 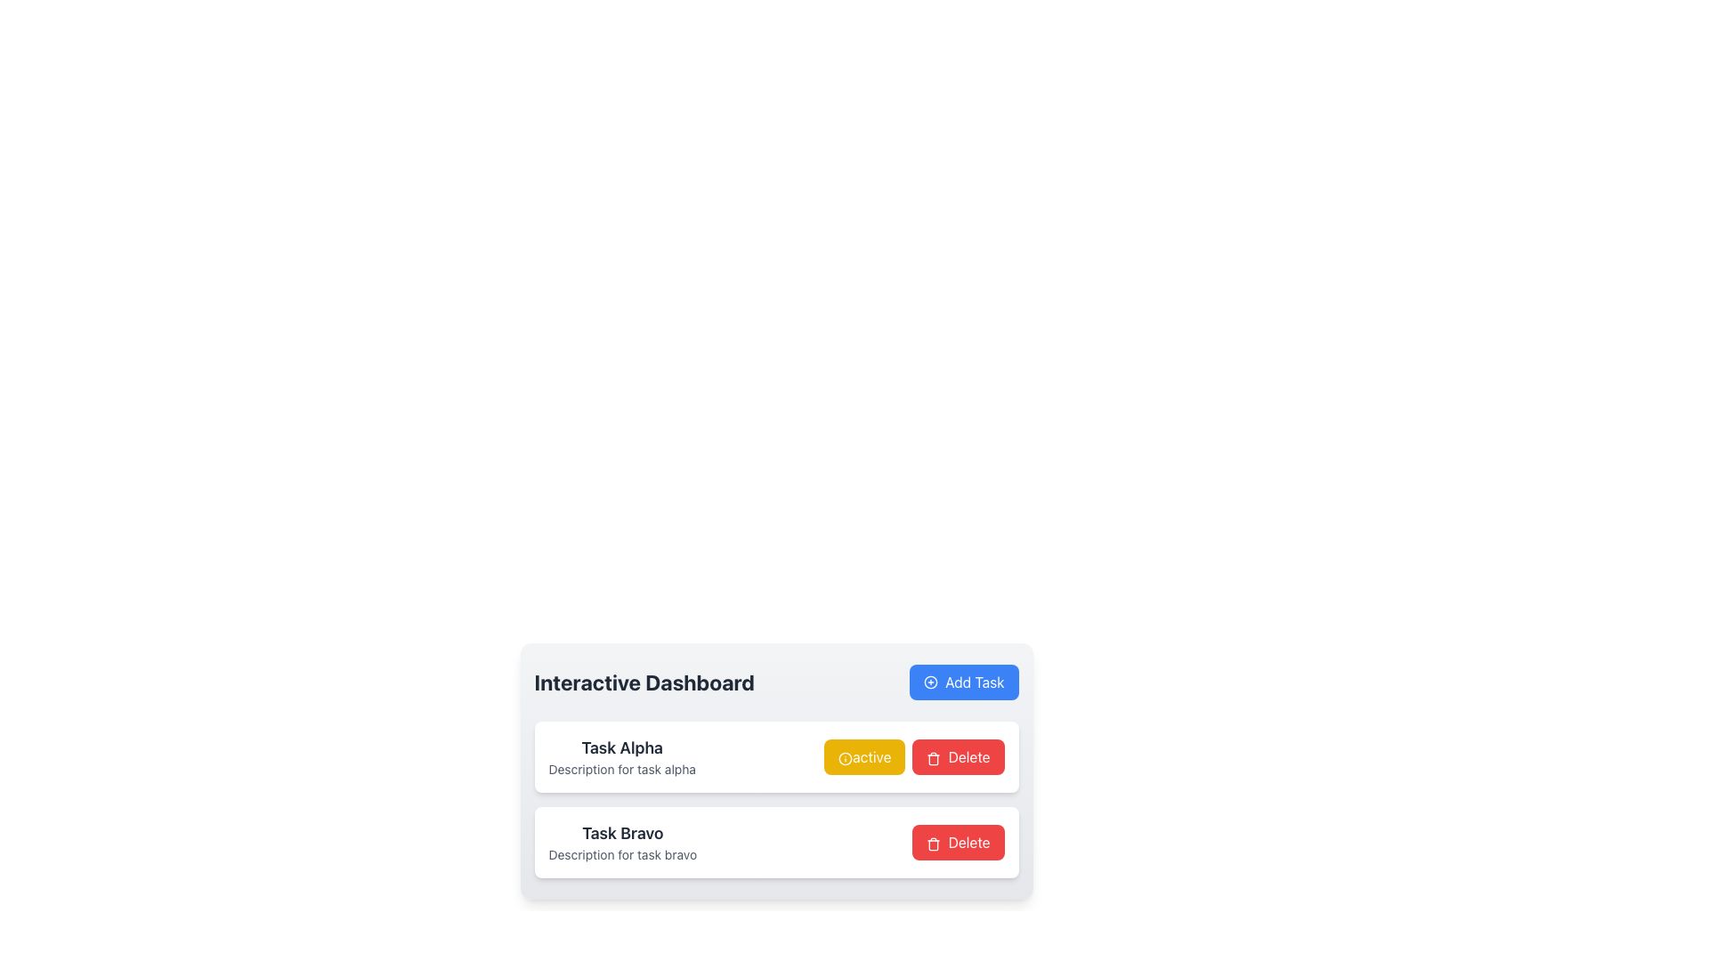 I want to click on the circular information icon with a yellow background, located to the left of the text 'active' in the yellow button area of the 'Task Alpha' entry, so click(x=845, y=758).